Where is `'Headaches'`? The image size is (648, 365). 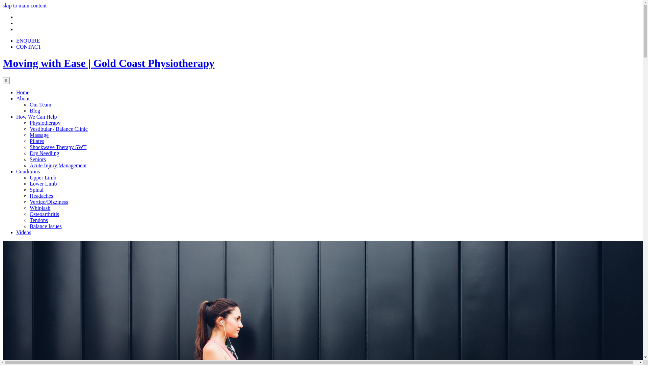 'Headaches' is located at coordinates (41, 196).